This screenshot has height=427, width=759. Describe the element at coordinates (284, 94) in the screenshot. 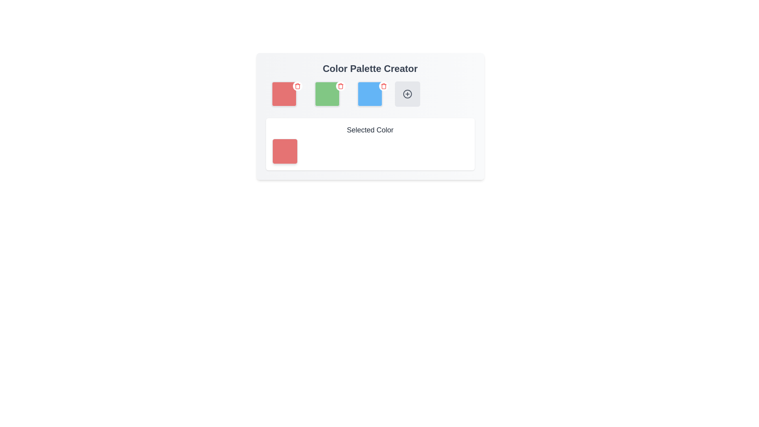

I see `the first color swatch in the Color Palette Creator application` at that location.